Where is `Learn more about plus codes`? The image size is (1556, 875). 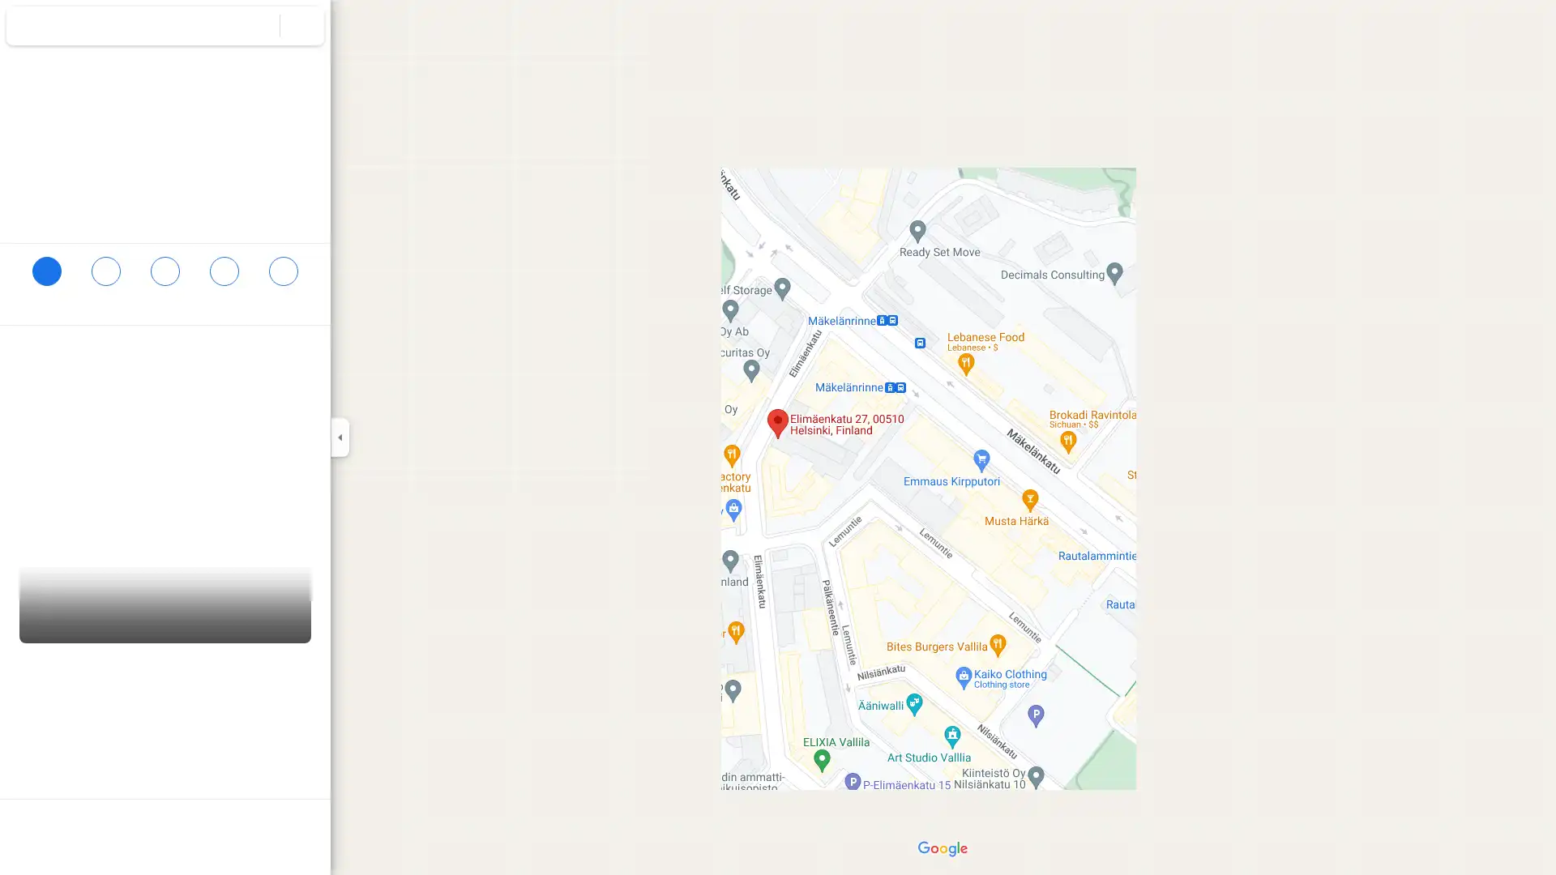
Learn more about plus codes is located at coordinates (310, 387).